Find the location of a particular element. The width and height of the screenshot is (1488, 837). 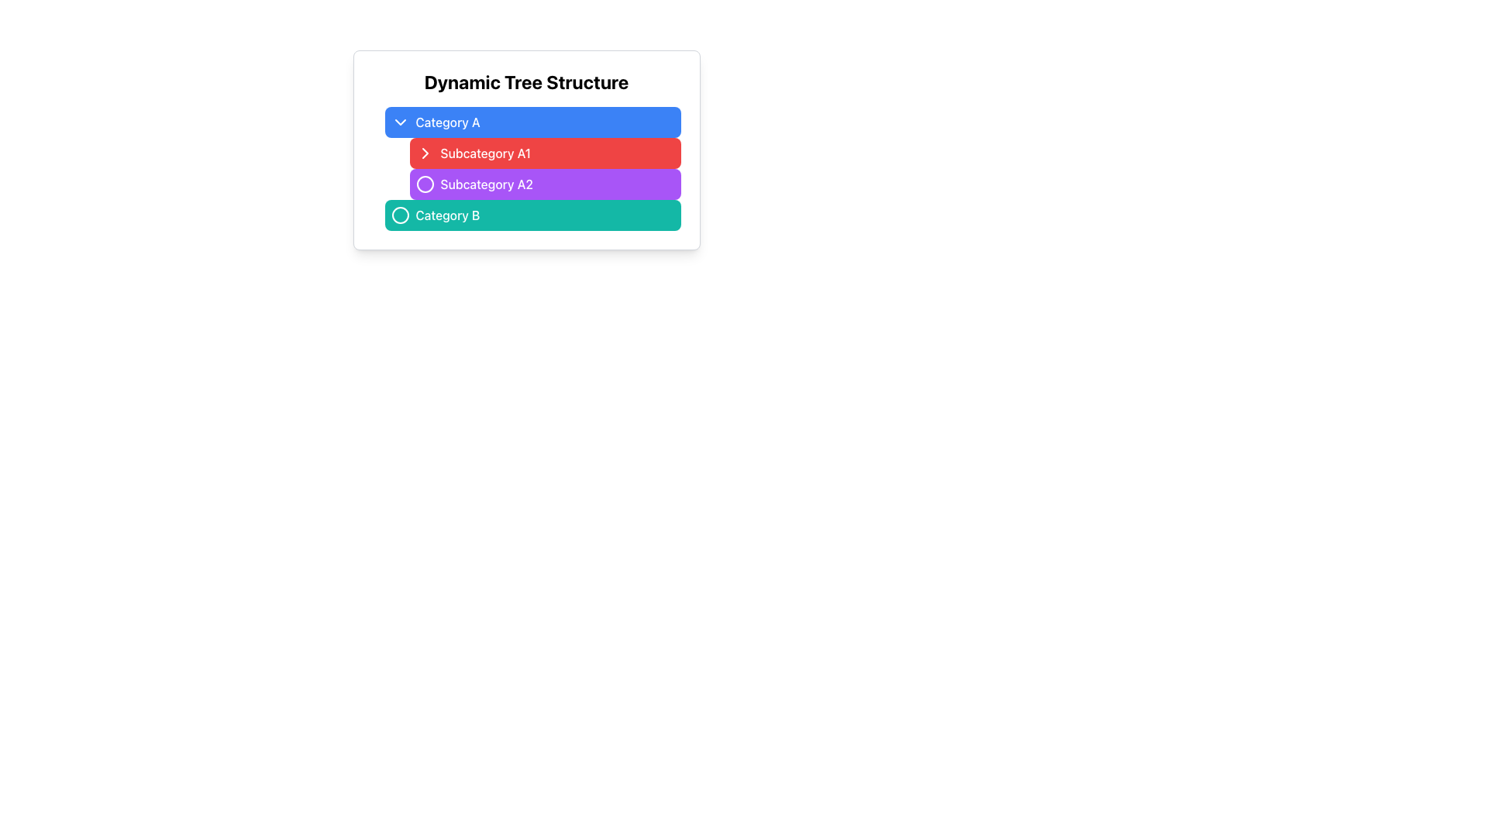

the red button labeled 'Subcategory A1' with an arrow icon, located under 'Category A' is located at coordinates (545, 153).